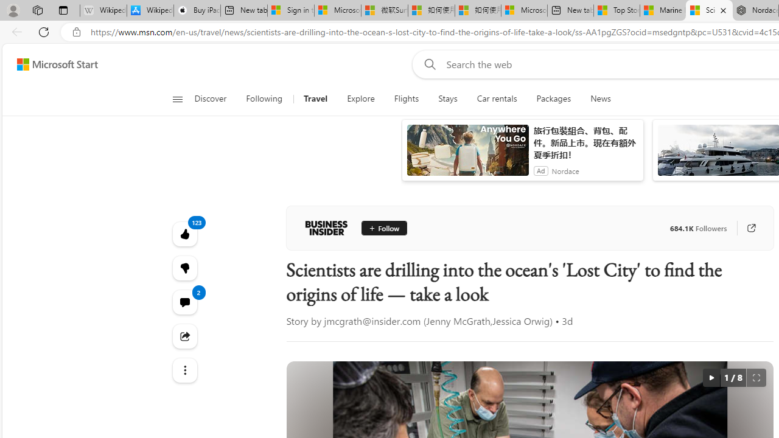 The width and height of the screenshot is (779, 438). I want to click on '123', so click(184, 268).